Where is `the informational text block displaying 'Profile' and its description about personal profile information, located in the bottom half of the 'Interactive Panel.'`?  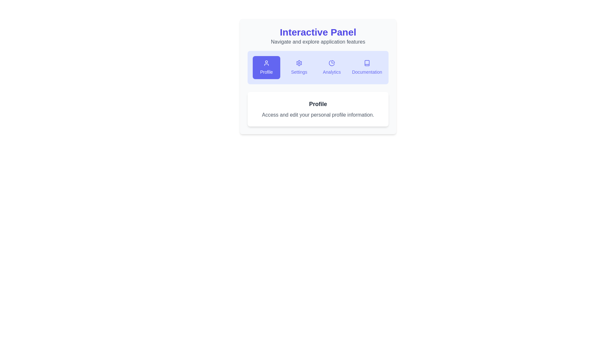 the informational text block displaying 'Profile' and its description about personal profile information, located in the bottom half of the 'Interactive Panel.' is located at coordinates (318, 109).